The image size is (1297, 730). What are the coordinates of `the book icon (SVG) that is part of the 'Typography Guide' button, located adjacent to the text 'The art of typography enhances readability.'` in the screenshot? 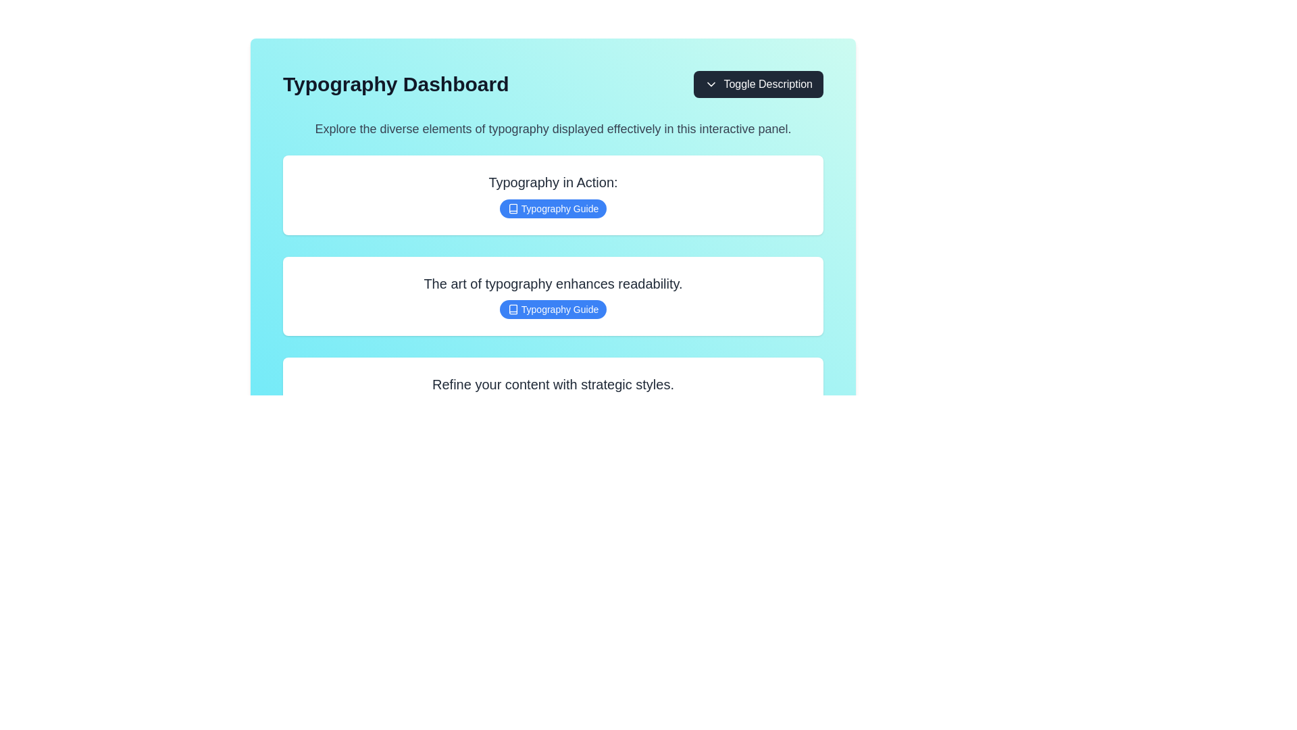 It's located at (512, 310).